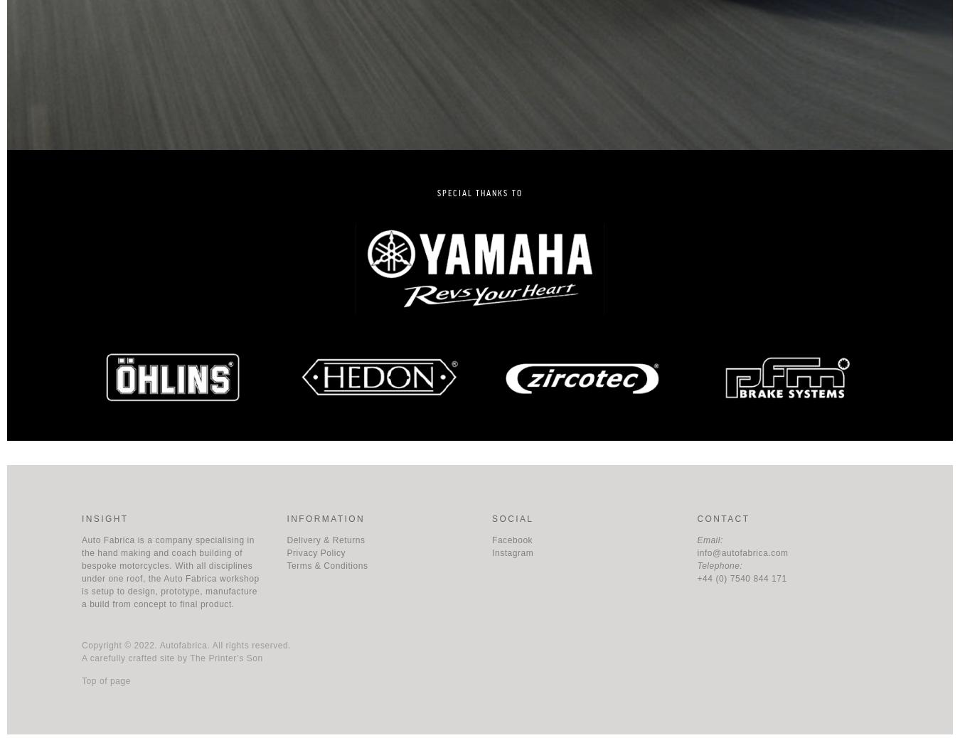 The height and width of the screenshot is (738, 960). Describe the element at coordinates (325, 517) in the screenshot. I see `'Information'` at that location.